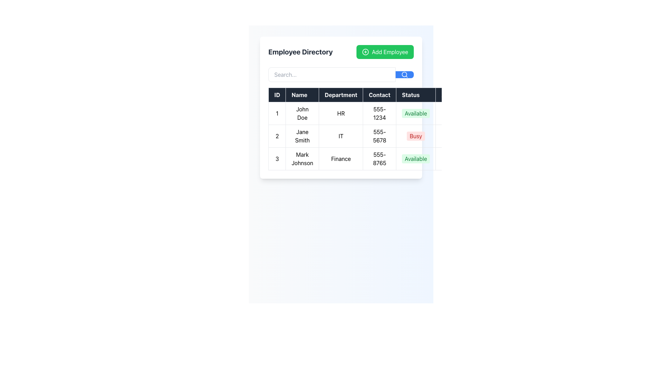 This screenshot has width=671, height=377. Describe the element at coordinates (341, 113) in the screenshot. I see `the table cell displaying the department name 'HR' in the first row under the 'Department' column, which is the third cell in its row` at that location.